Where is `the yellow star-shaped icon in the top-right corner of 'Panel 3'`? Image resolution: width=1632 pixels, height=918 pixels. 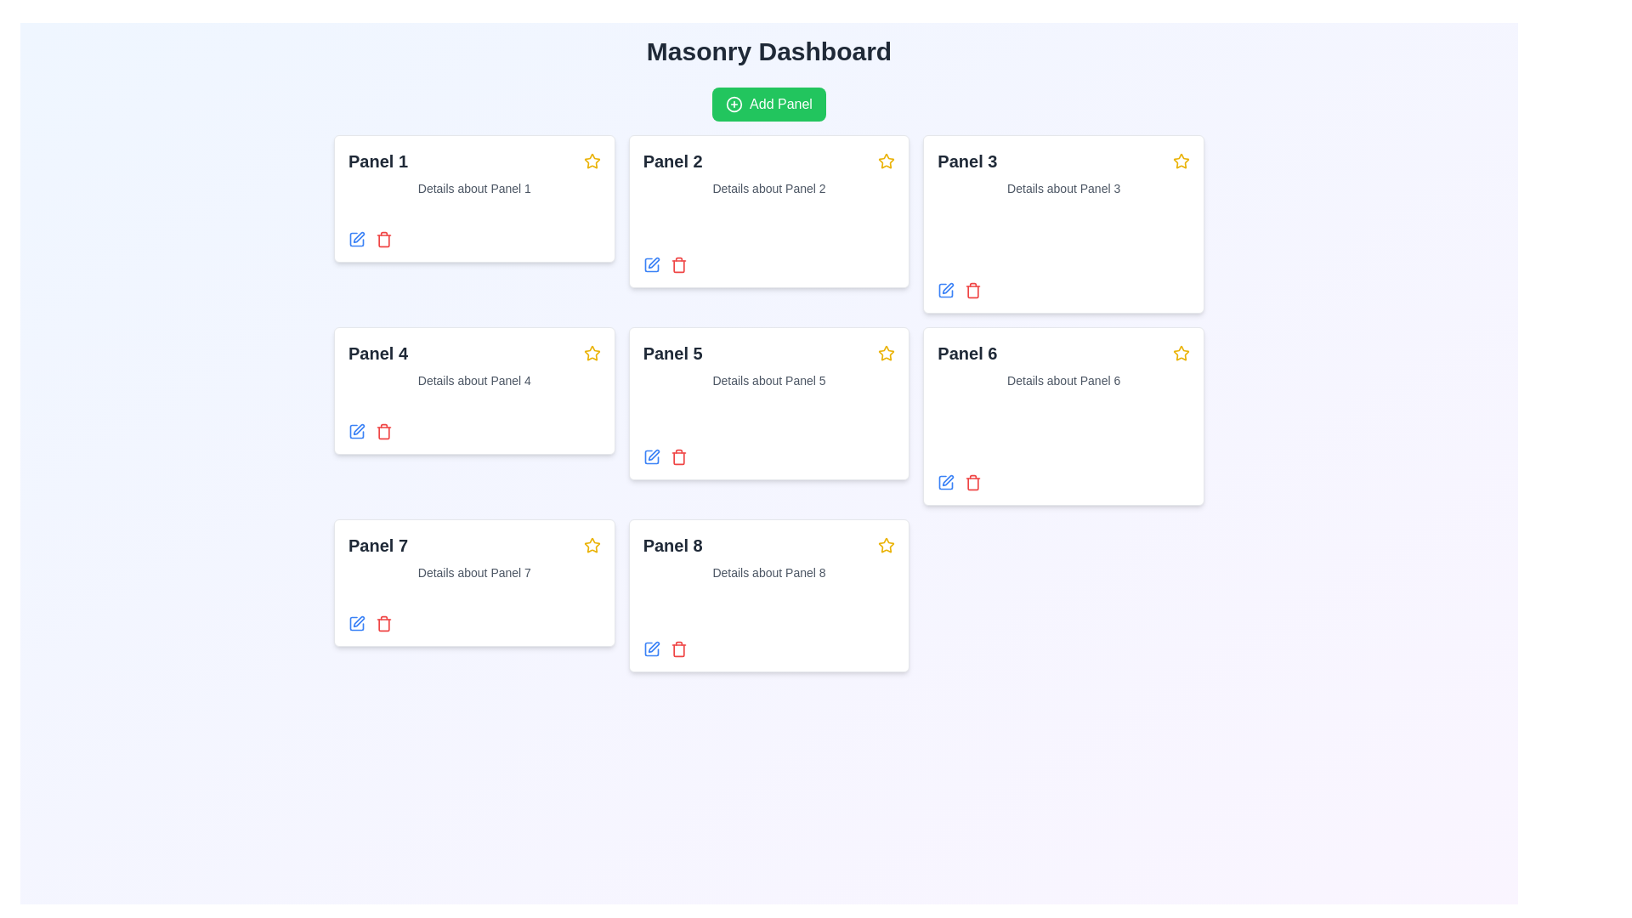 the yellow star-shaped icon in the top-right corner of 'Panel 3' is located at coordinates (1179, 161).